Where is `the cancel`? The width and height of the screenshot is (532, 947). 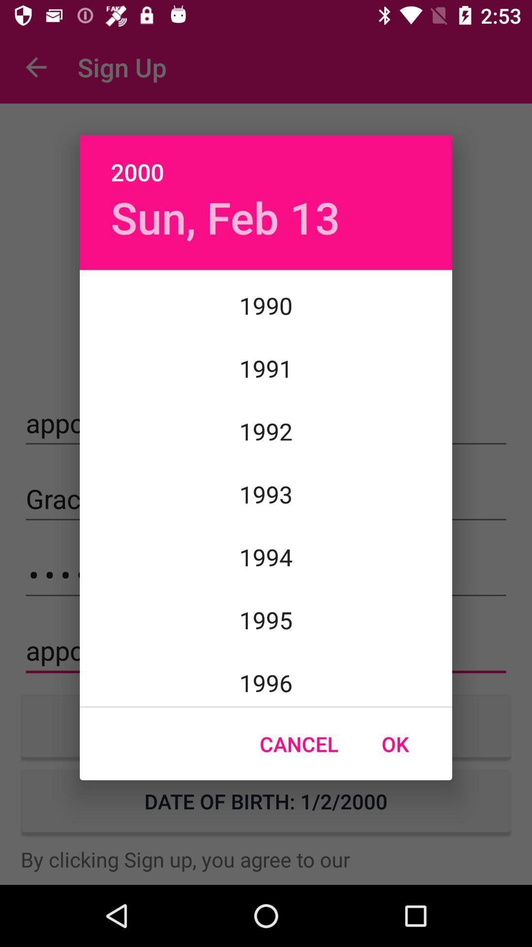
the cancel is located at coordinates (299, 744).